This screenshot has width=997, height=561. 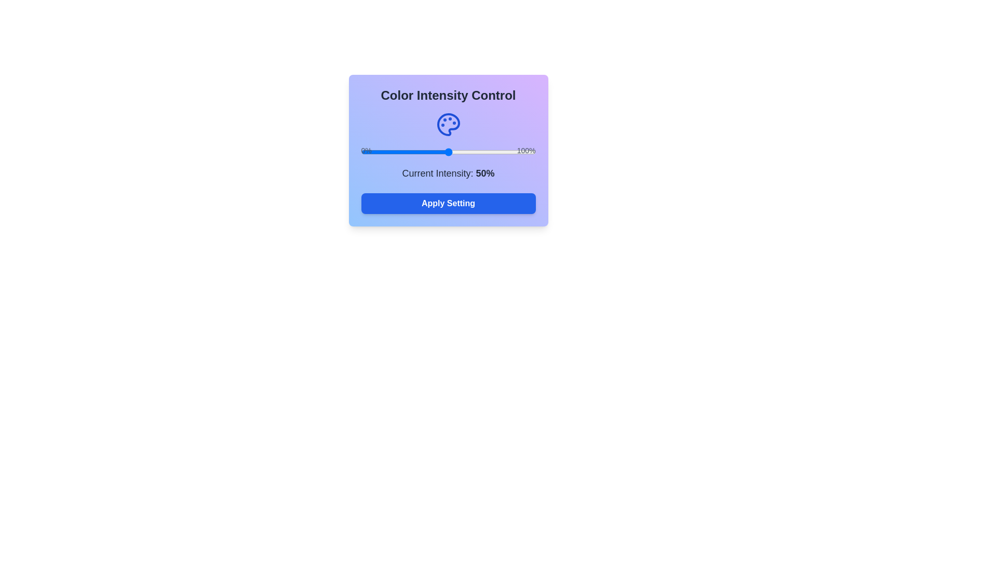 What do you see at coordinates (504, 152) in the screenshot?
I see `the slider to set the color intensity to 82%` at bounding box center [504, 152].